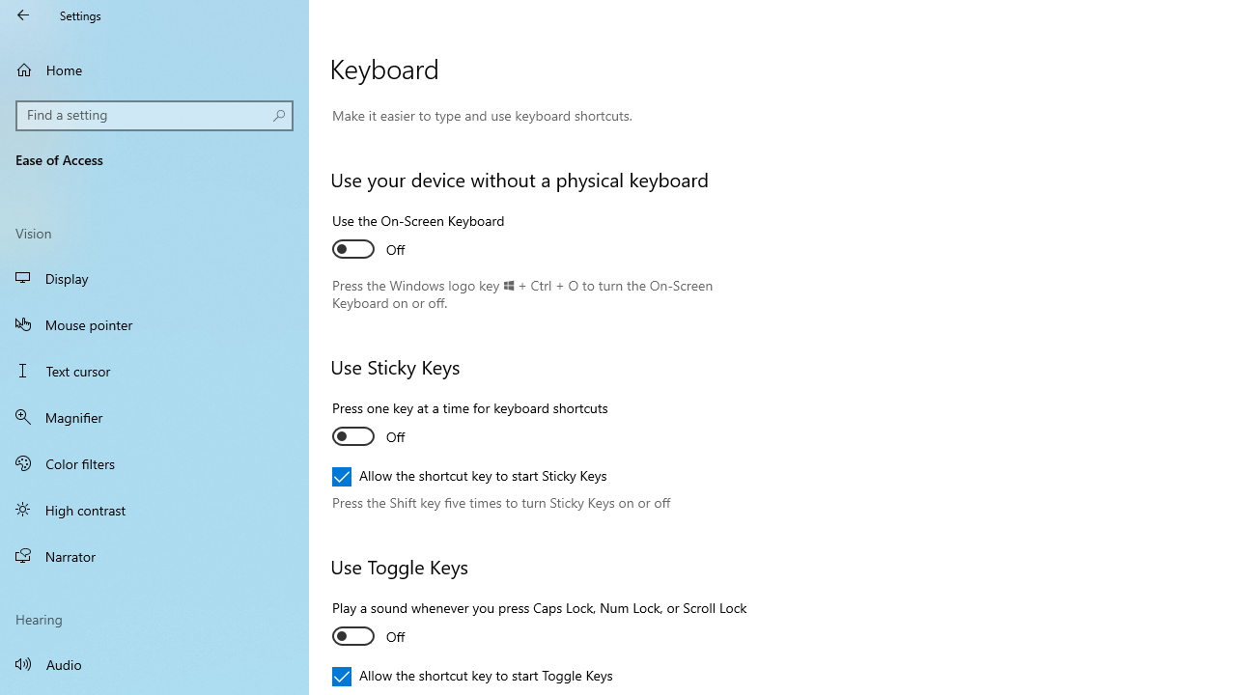  What do you see at coordinates (154, 371) in the screenshot?
I see `'Text cursor'` at bounding box center [154, 371].